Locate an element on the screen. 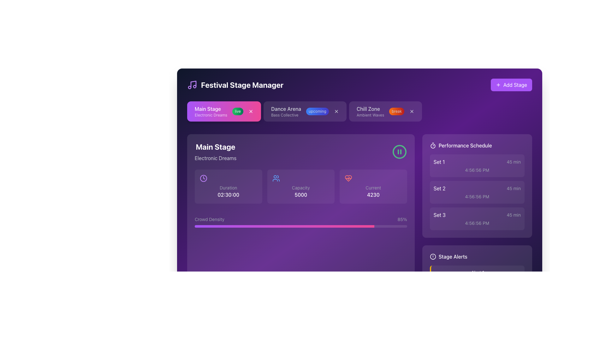 The image size is (606, 341). the green rounded 'live' badge on the tag labeled 'Main Stage' to interact with it is located at coordinates (224, 111).